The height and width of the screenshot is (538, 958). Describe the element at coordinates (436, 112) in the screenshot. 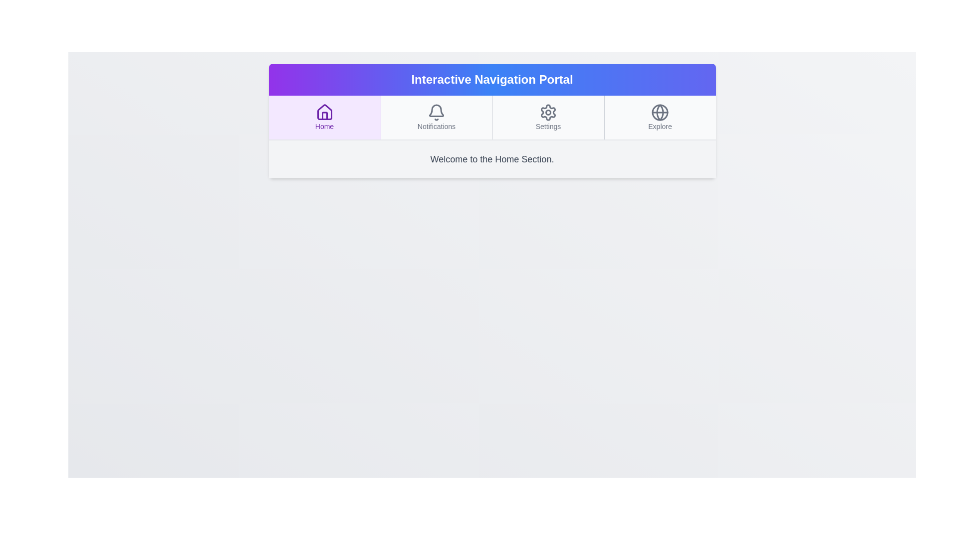

I see `the 'Notifications' icon` at that location.